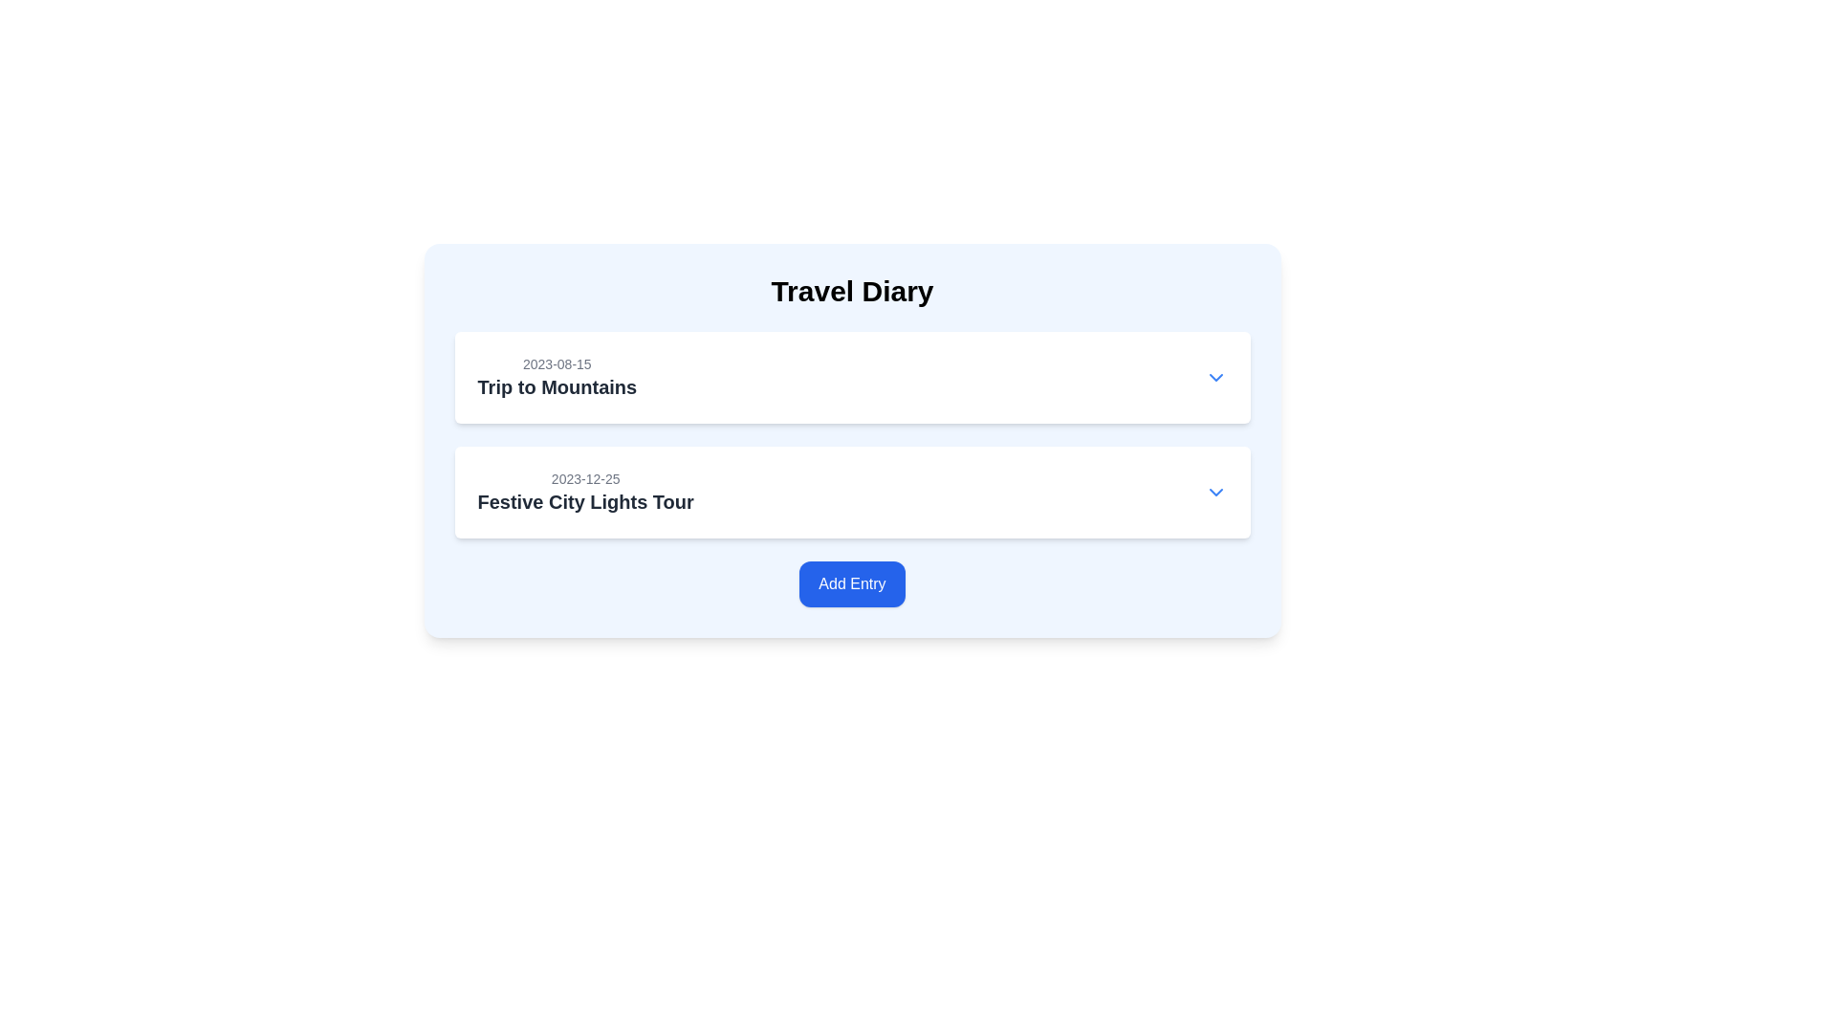 This screenshot has height=1033, width=1836. Describe the element at coordinates (584, 478) in the screenshot. I see `date displayed in the text label associated with the event titled 'Festive City Lights Tour', located at the top-left corner of its containing block` at that location.